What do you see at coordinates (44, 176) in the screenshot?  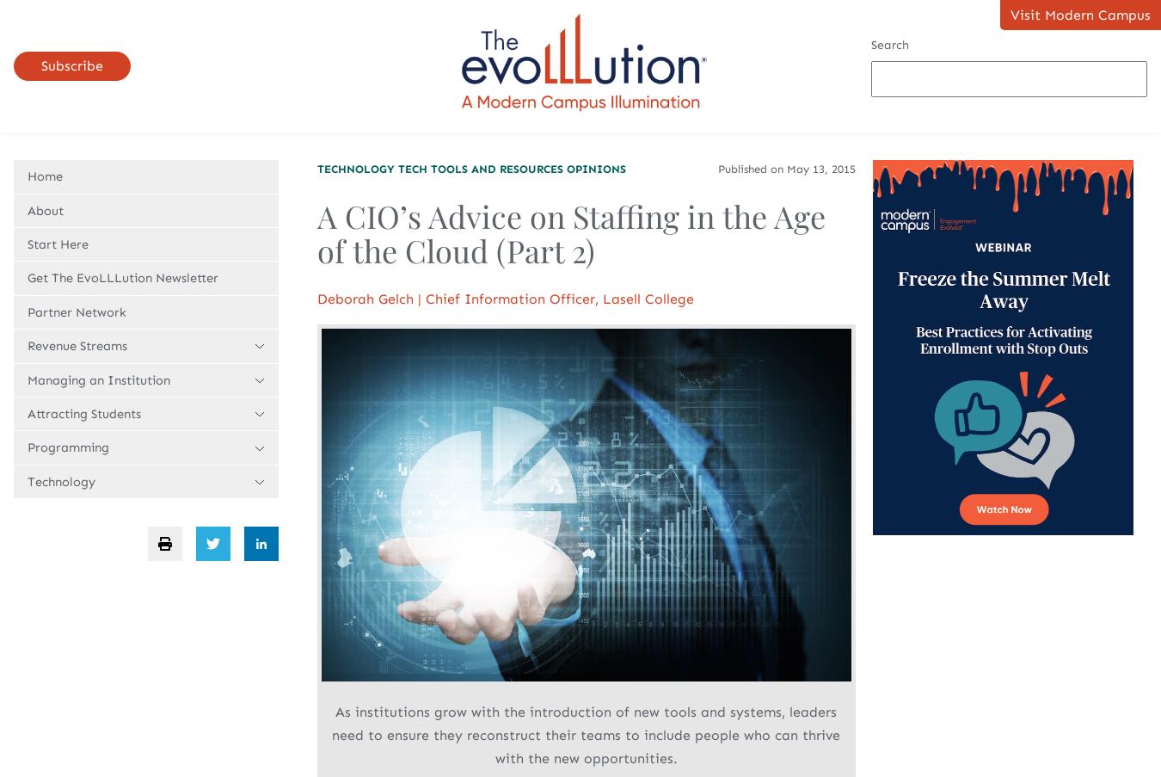 I see `'Home'` at bounding box center [44, 176].